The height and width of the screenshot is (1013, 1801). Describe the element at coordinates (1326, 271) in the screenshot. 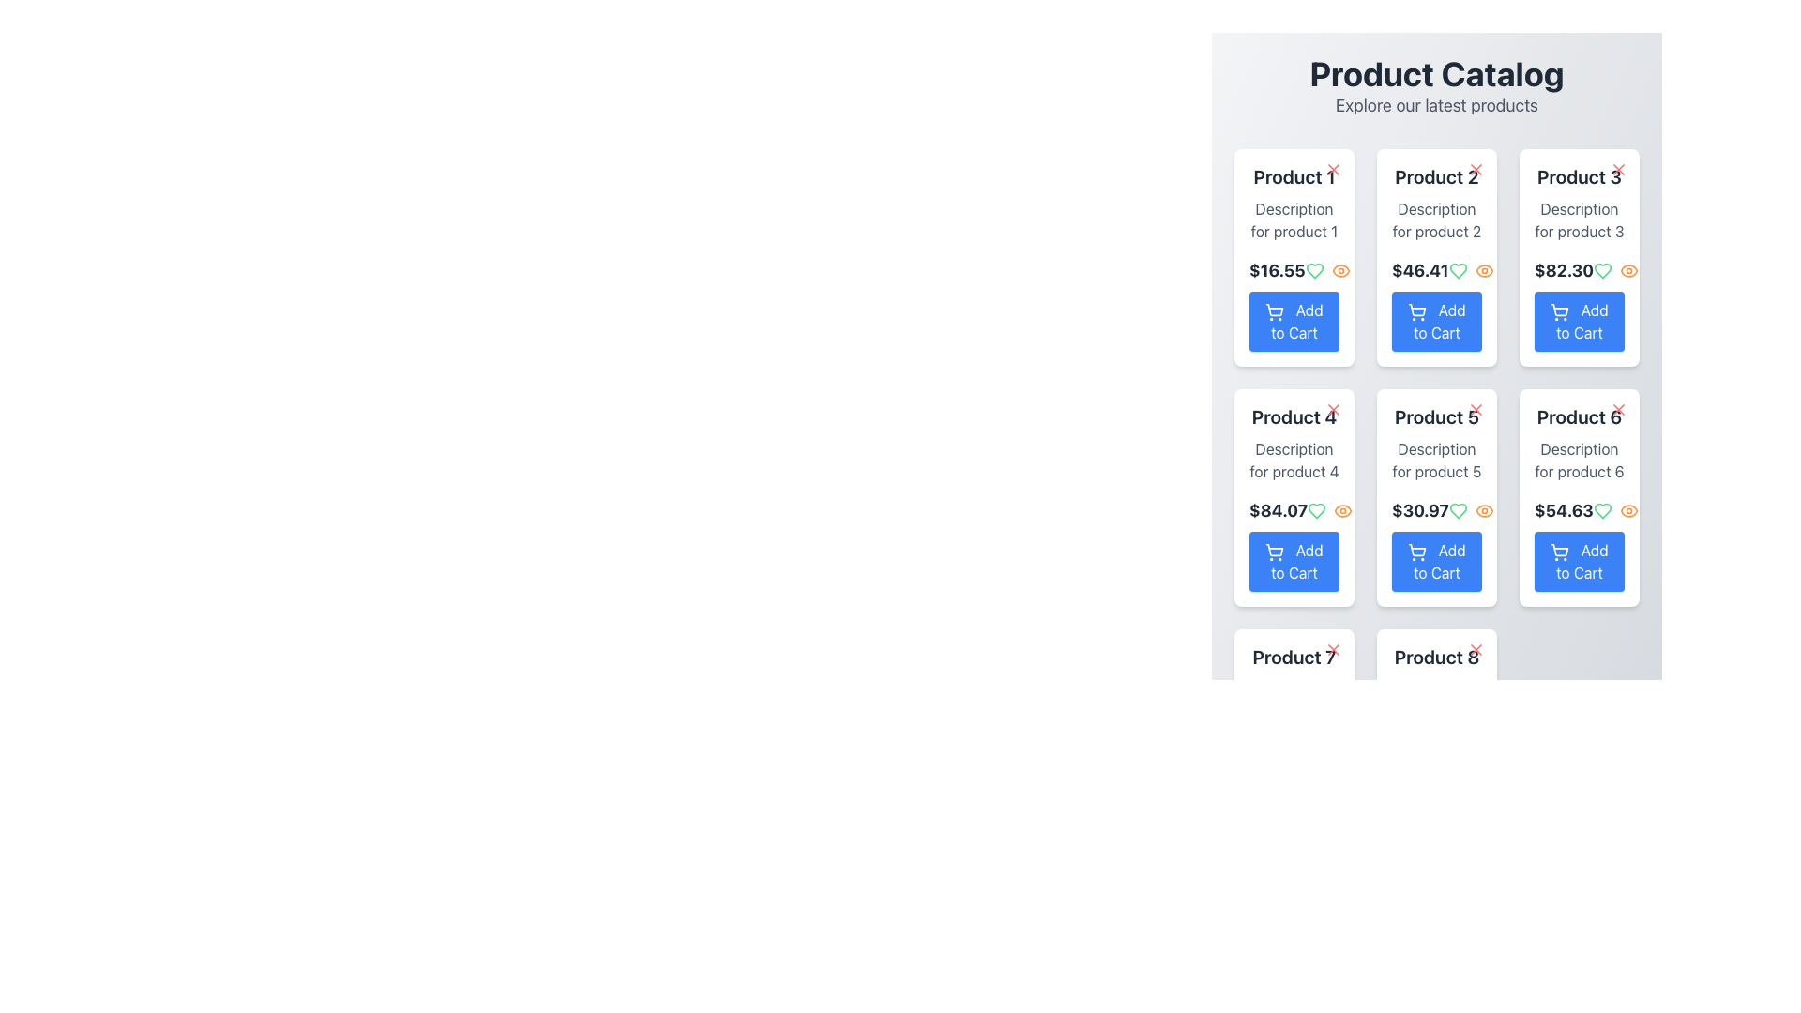

I see `the orange eye icon in the Interactive Icon Group located beneath the product price of '$16.55' for 'Product 1'` at that location.